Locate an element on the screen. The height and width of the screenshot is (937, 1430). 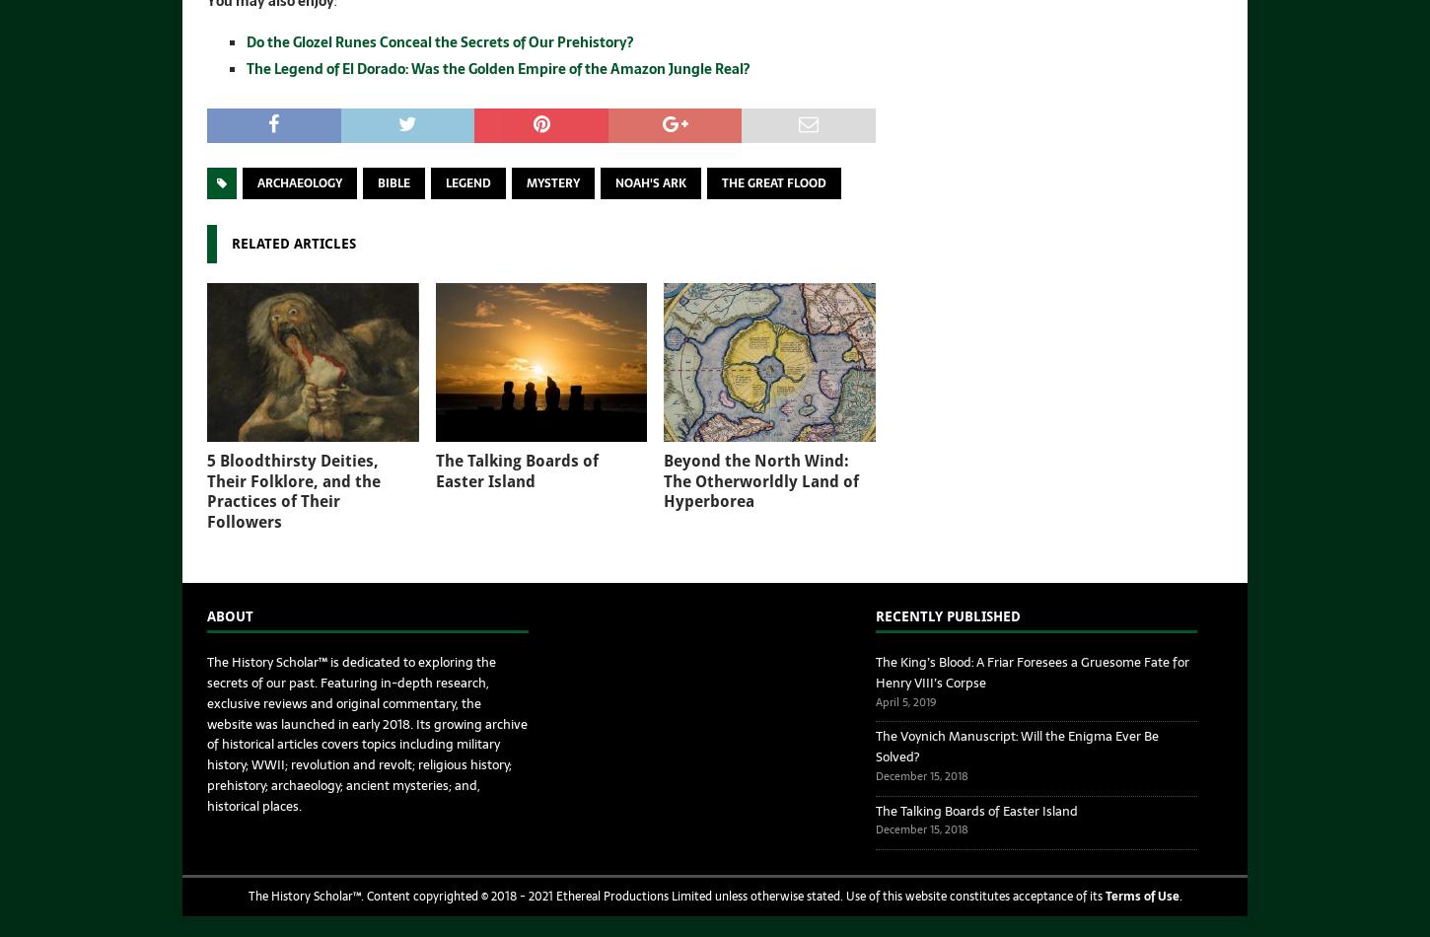
'Terms of Use' is located at coordinates (1140, 895).